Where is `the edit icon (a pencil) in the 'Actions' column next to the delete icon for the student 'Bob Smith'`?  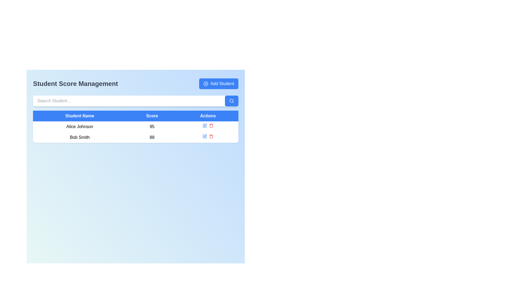 the edit icon (a pencil) in the 'Actions' column next to the delete icon for the student 'Bob Smith' is located at coordinates (205, 125).